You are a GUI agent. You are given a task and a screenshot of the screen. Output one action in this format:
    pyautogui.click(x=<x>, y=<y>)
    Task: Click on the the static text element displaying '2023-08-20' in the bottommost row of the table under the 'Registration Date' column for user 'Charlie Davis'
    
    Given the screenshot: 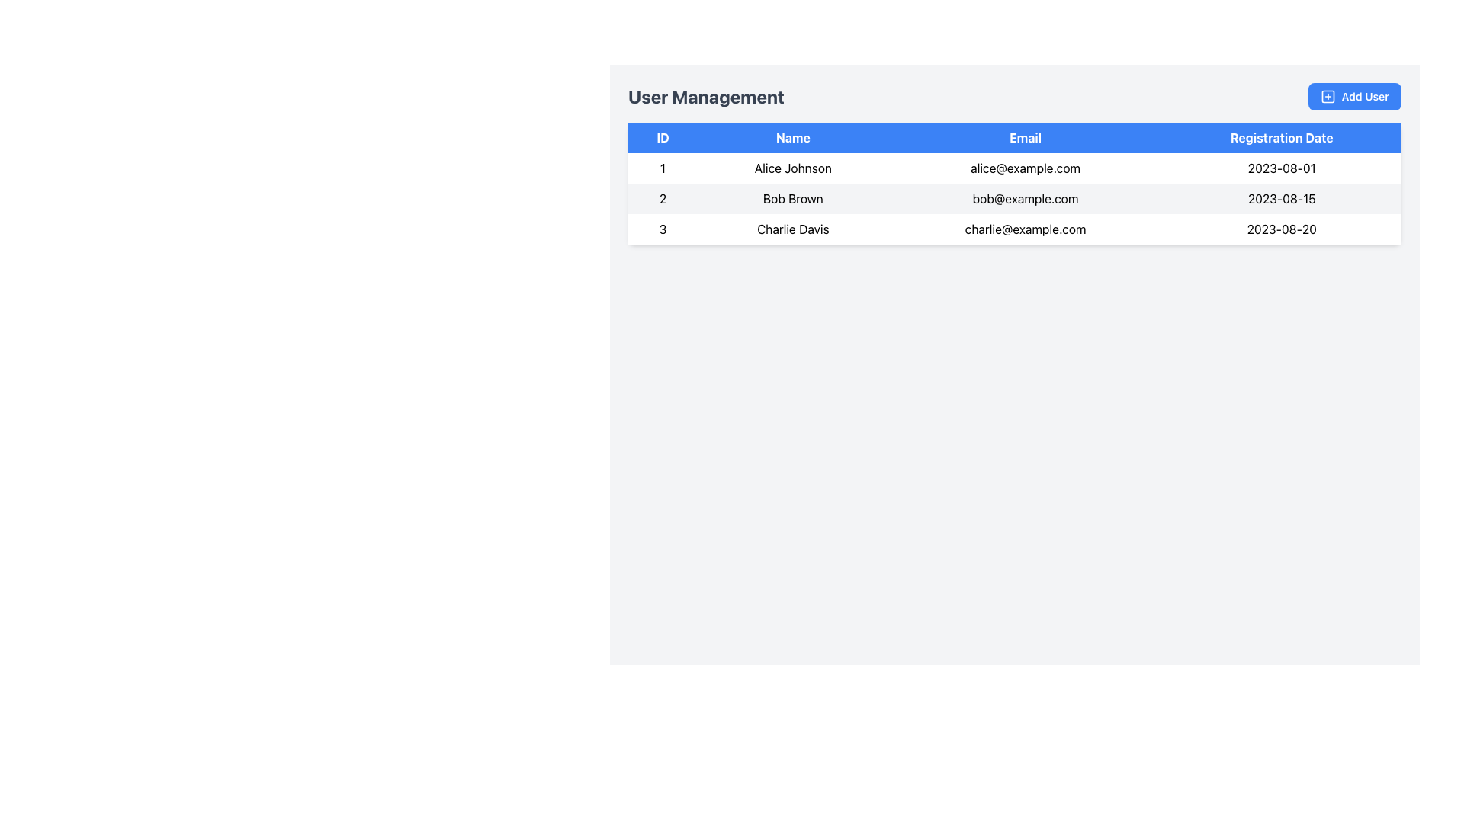 What is the action you would take?
    pyautogui.click(x=1281, y=229)
    